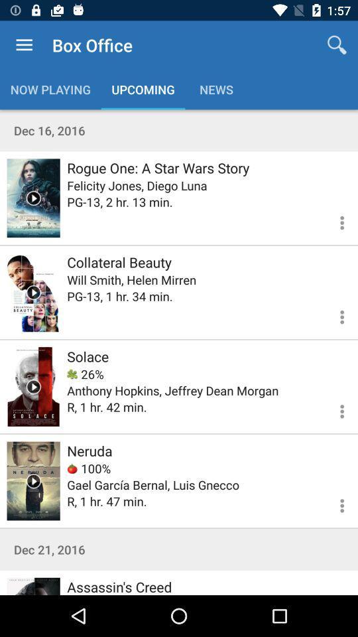 The width and height of the screenshot is (358, 637). Describe the element at coordinates (333, 221) in the screenshot. I see `the details about the movie` at that location.